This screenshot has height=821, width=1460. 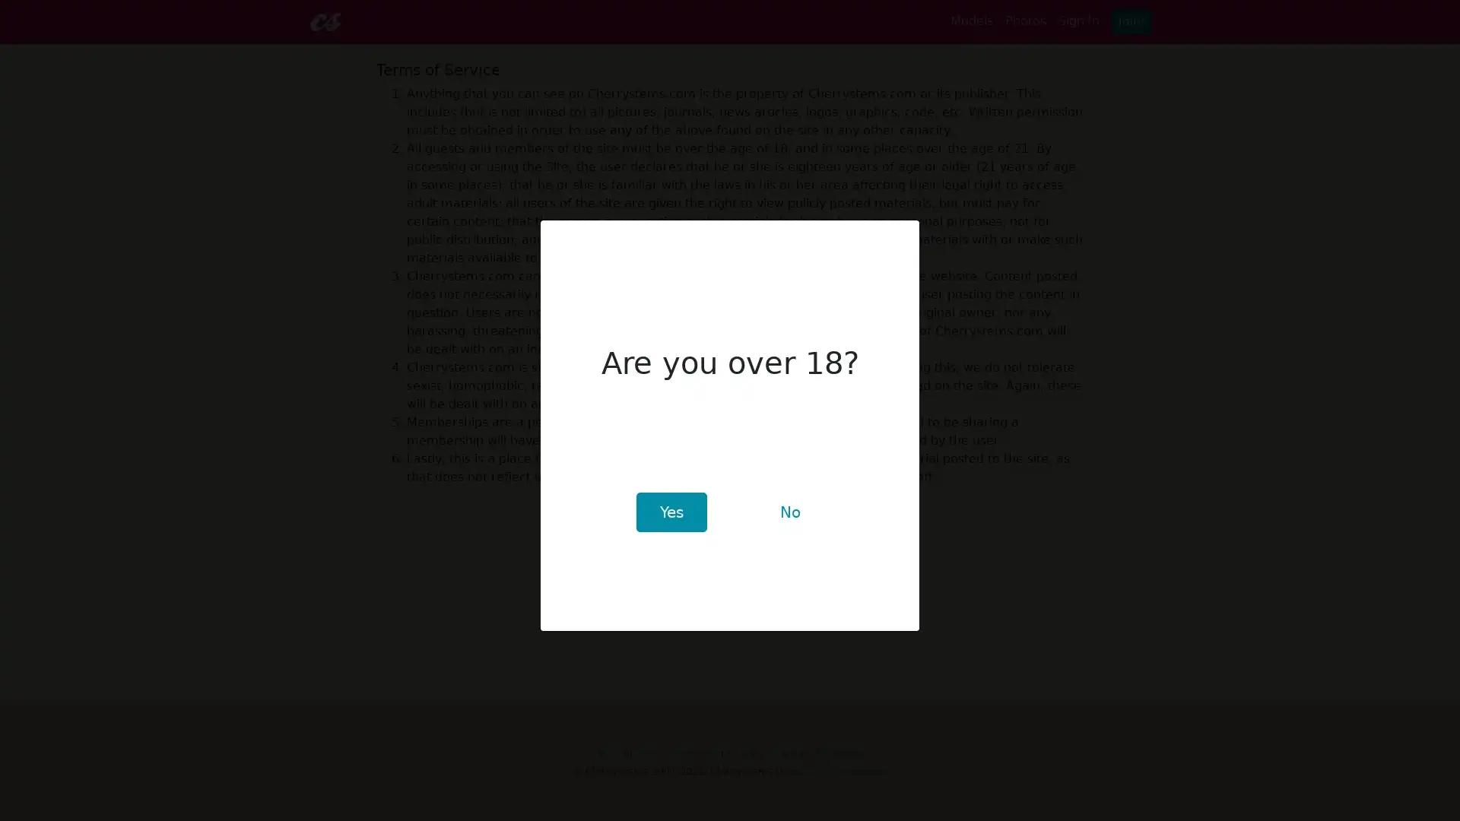 I want to click on Yes, so click(x=670, y=512).